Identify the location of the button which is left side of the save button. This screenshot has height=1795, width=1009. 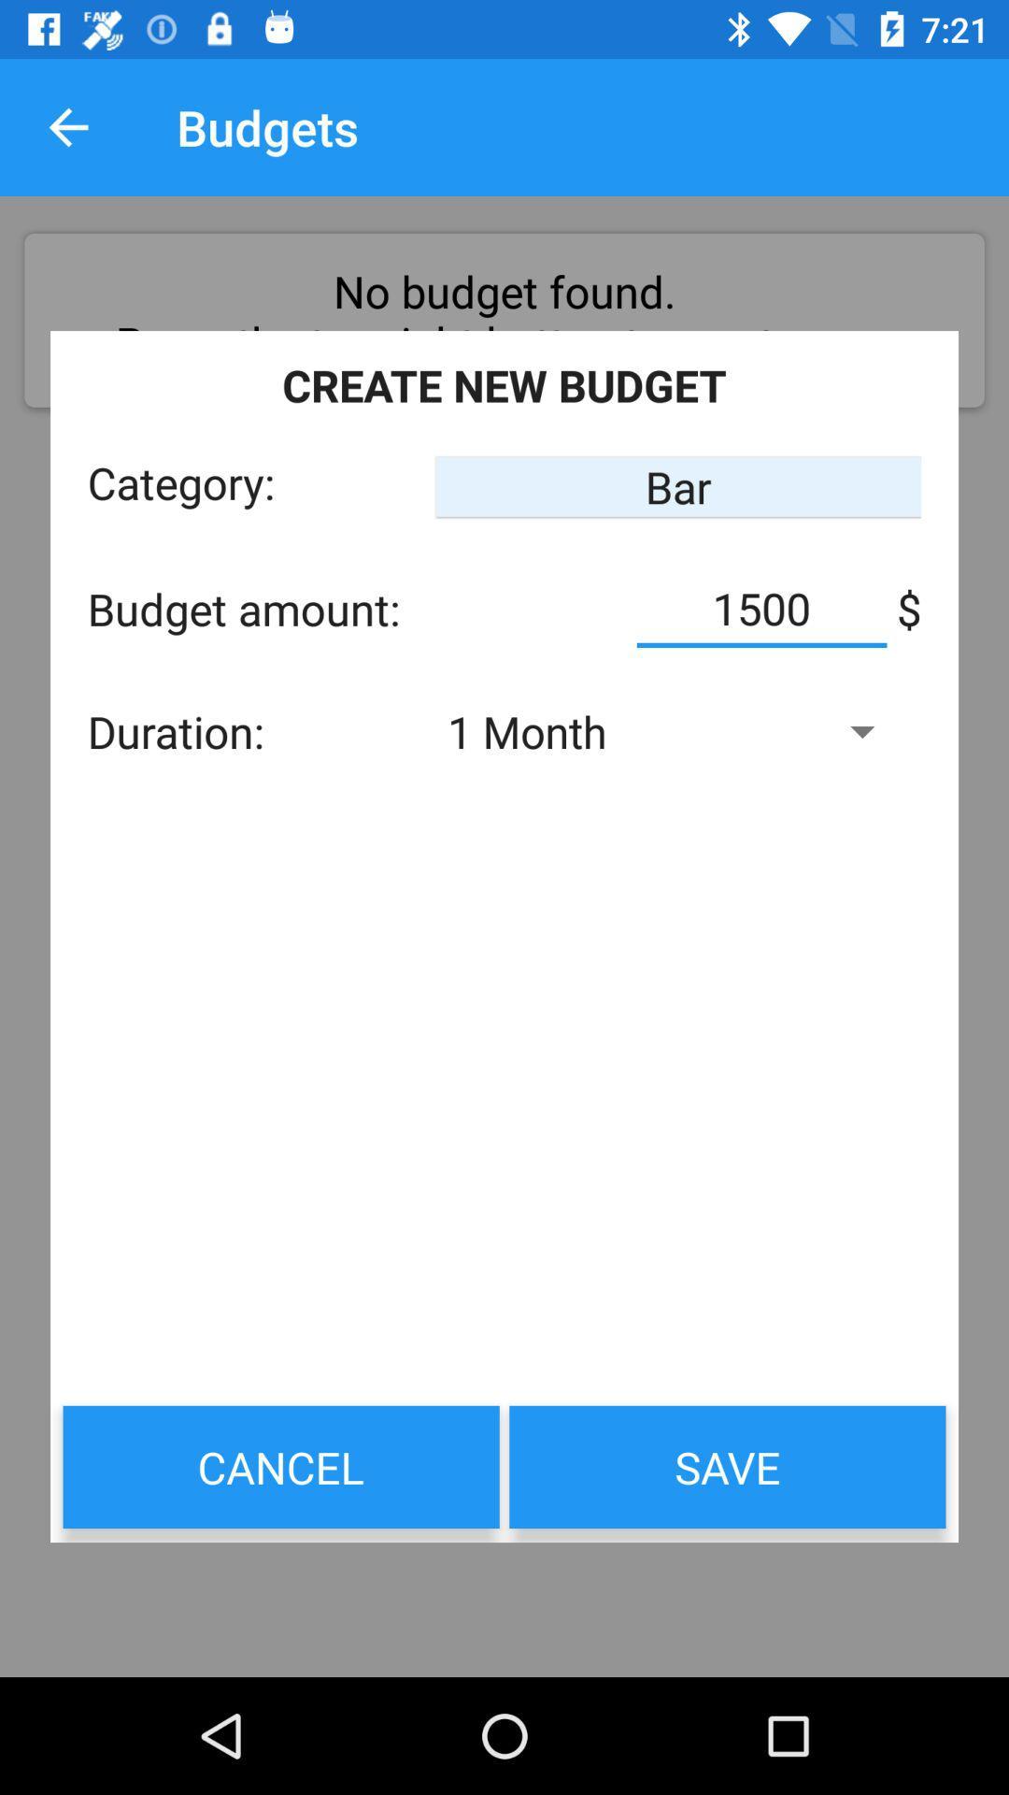
(281, 1466).